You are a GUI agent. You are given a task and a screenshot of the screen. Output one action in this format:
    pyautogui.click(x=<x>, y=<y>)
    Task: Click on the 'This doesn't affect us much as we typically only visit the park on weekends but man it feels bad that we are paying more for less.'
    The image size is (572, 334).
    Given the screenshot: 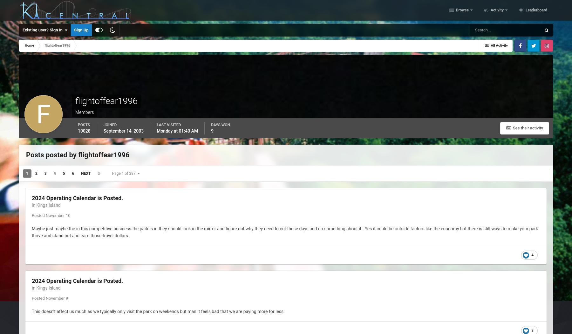 What is the action you would take?
    pyautogui.click(x=159, y=311)
    